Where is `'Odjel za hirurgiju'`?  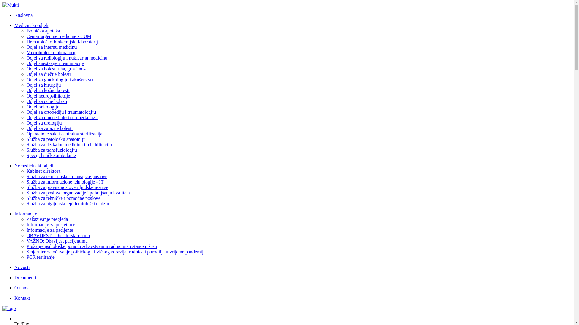 'Odjel za hirurgiju' is located at coordinates (43, 85).